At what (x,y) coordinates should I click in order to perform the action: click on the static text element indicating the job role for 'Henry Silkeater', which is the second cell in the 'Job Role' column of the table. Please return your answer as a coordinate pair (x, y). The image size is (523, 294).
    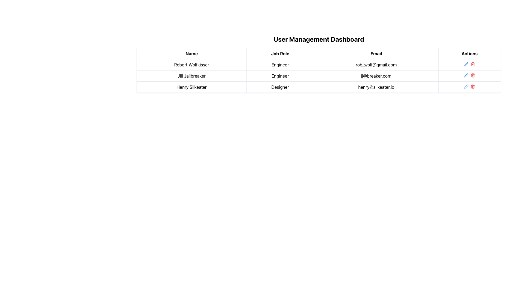
    Looking at the image, I should click on (280, 87).